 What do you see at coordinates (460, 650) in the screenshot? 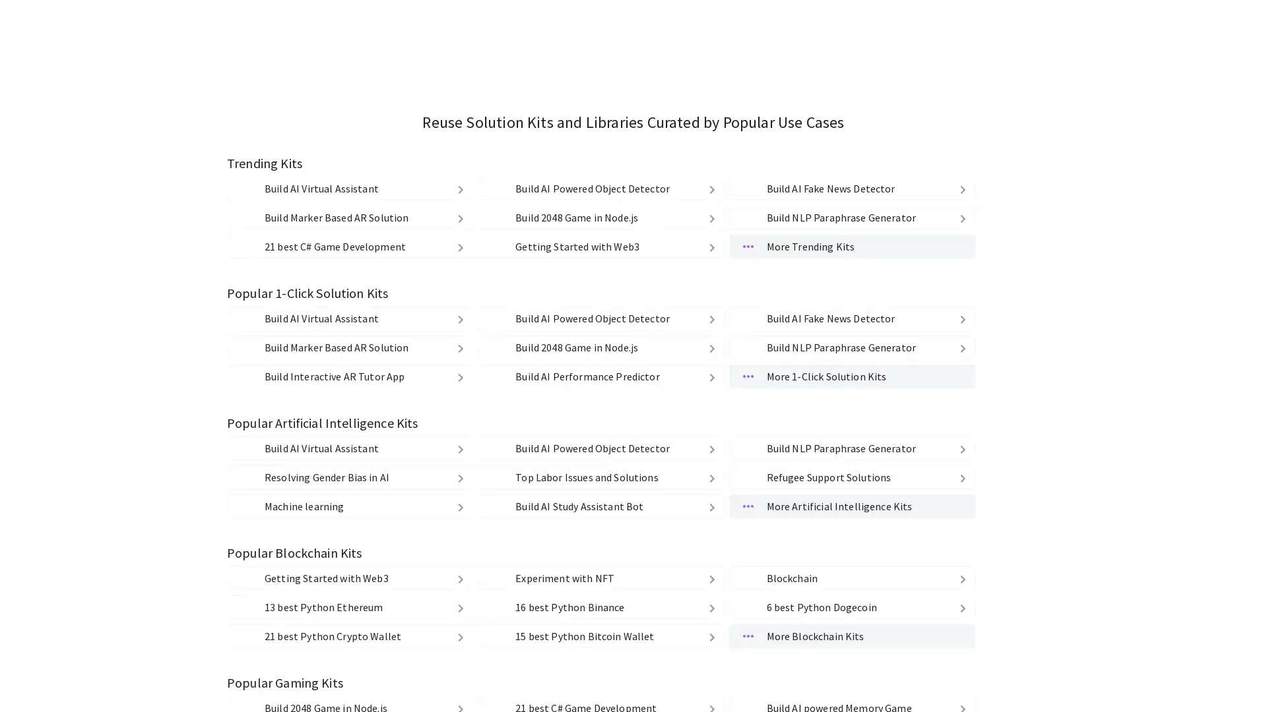
I see `delete` at bounding box center [460, 650].